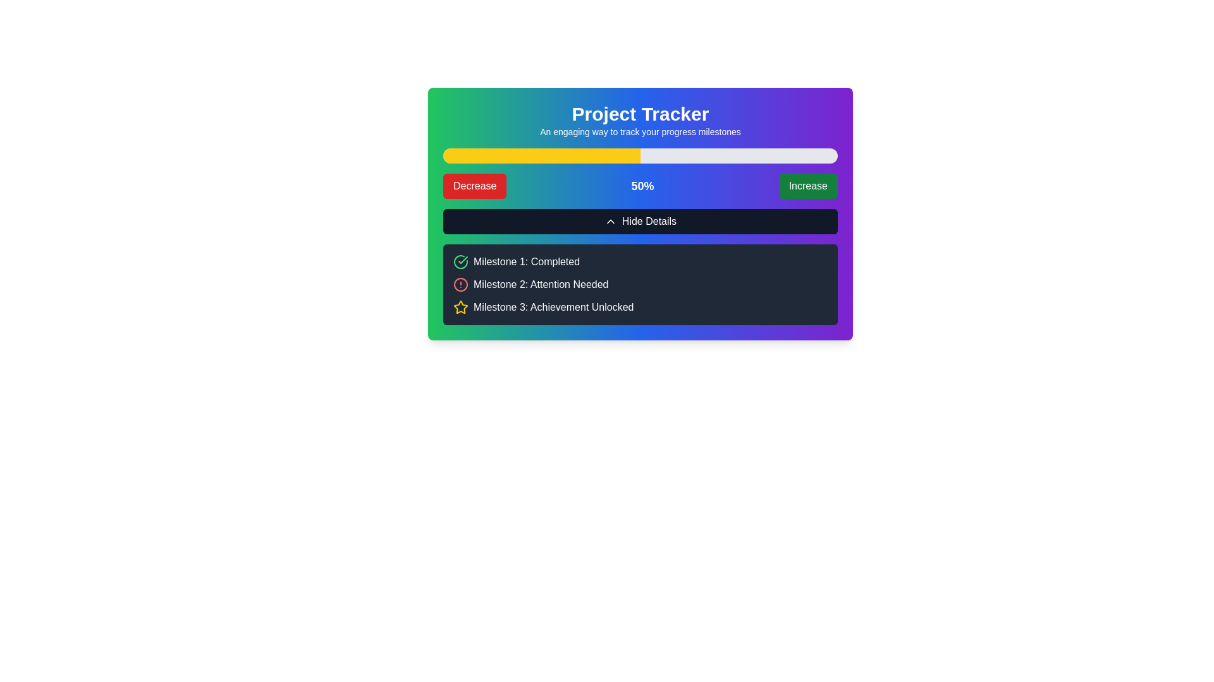 The width and height of the screenshot is (1214, 682). Describe the element at coordinates (640, 131) in the screenshot. I see `the static text subtitle 'An engaging way to track your progress milestones' which is located directly below the title 'Project Tracker' in the header section of the card layout` at that location.